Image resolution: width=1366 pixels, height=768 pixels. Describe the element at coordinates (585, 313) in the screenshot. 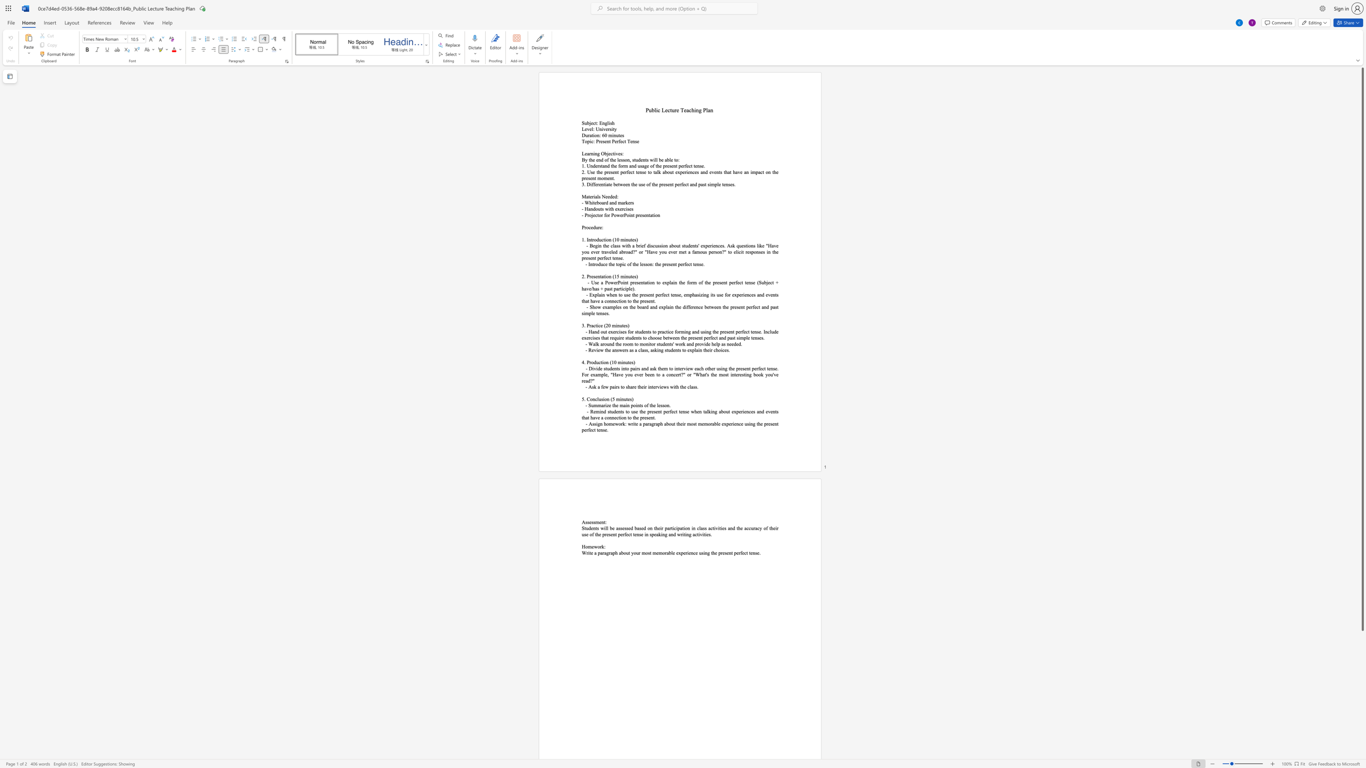

I see `the space between the continuous character "i" and "m" in the text` at that location.